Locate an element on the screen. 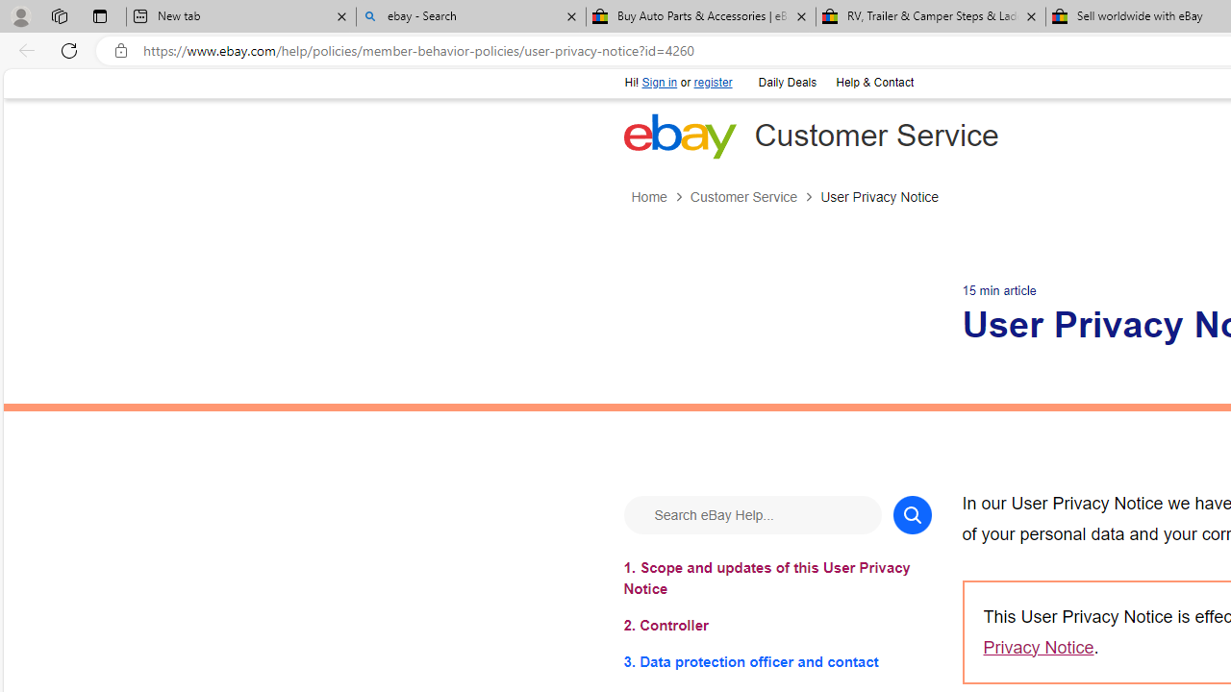 Image resolution: width=1231 pixels, height=692 pixels. 'Daily Deals' is located at coordinates (786, 80).